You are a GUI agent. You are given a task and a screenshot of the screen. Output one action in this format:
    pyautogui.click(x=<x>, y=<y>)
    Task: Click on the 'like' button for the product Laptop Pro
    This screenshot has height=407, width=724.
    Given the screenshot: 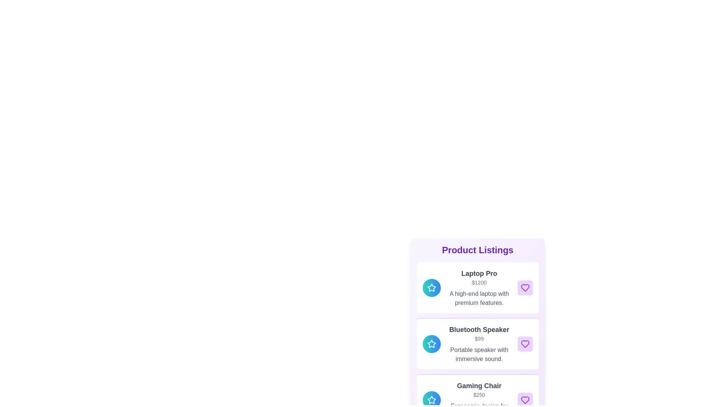 What is the action you would take?
    pyautogui.click(x=525, y=288)
    